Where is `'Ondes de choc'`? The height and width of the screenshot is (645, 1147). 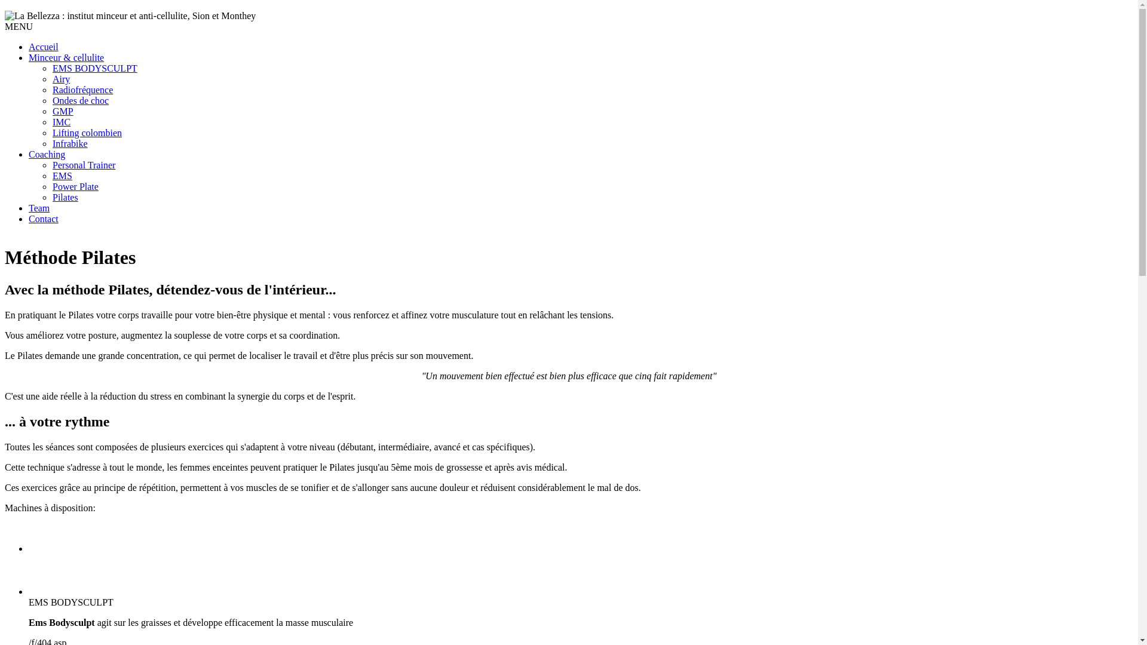
'Ondes de choc' is located at coordinates (79, 100).